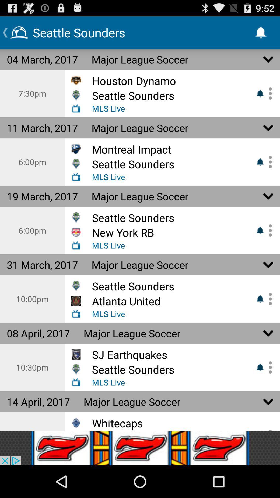  What do you see at coordinates (268, 367) in the screenshot?
I see `show options about mls game` at bounding box center [268, 367].